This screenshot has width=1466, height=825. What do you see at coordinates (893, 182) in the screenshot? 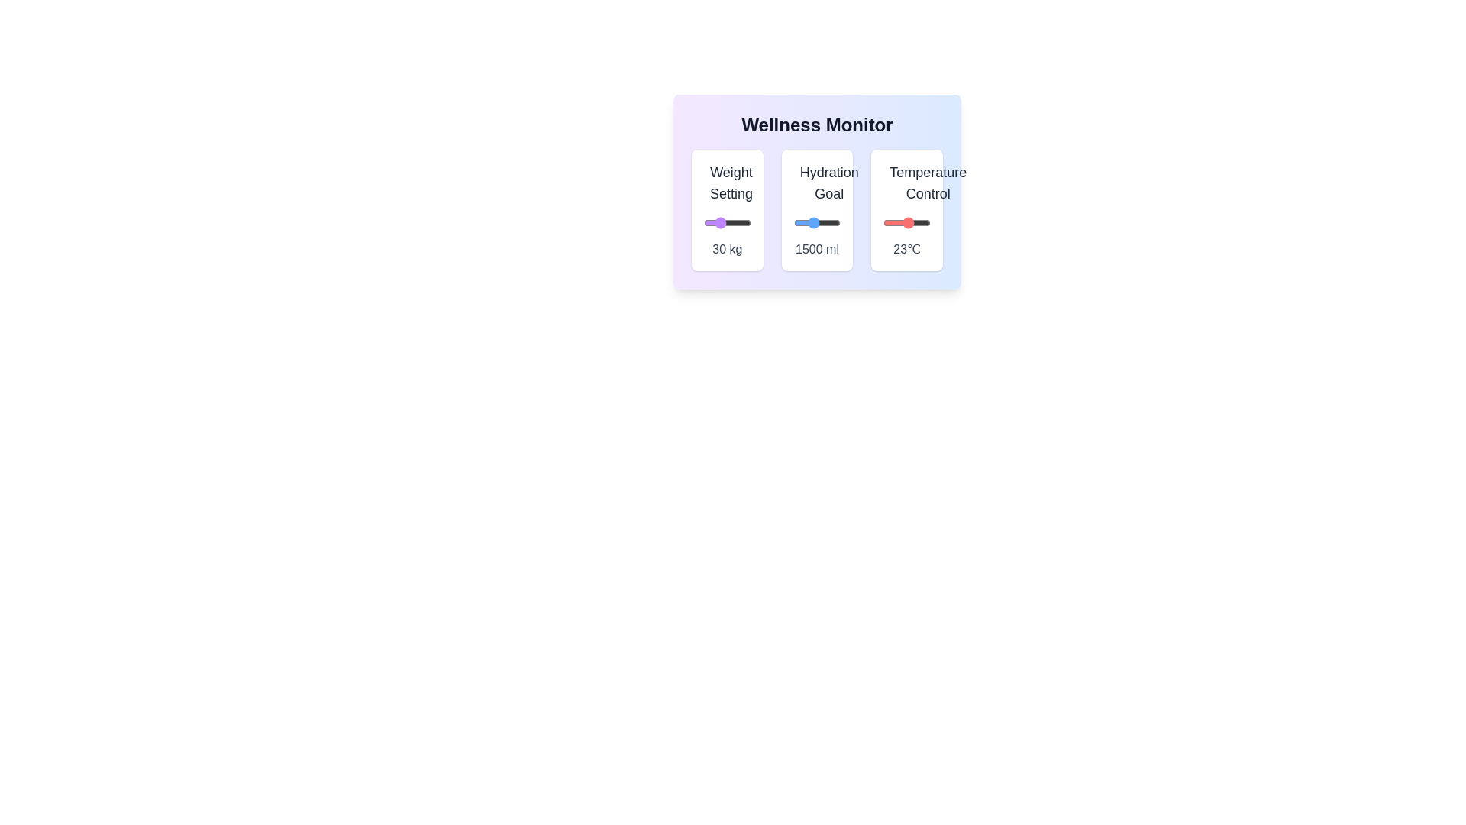
I see `the graphical context of the red-fill internal part of the thermometer icon, which is situated near the 'Temperature Control' text in the 'Wellness Monitor' interface` at bounding box center [893, 182].